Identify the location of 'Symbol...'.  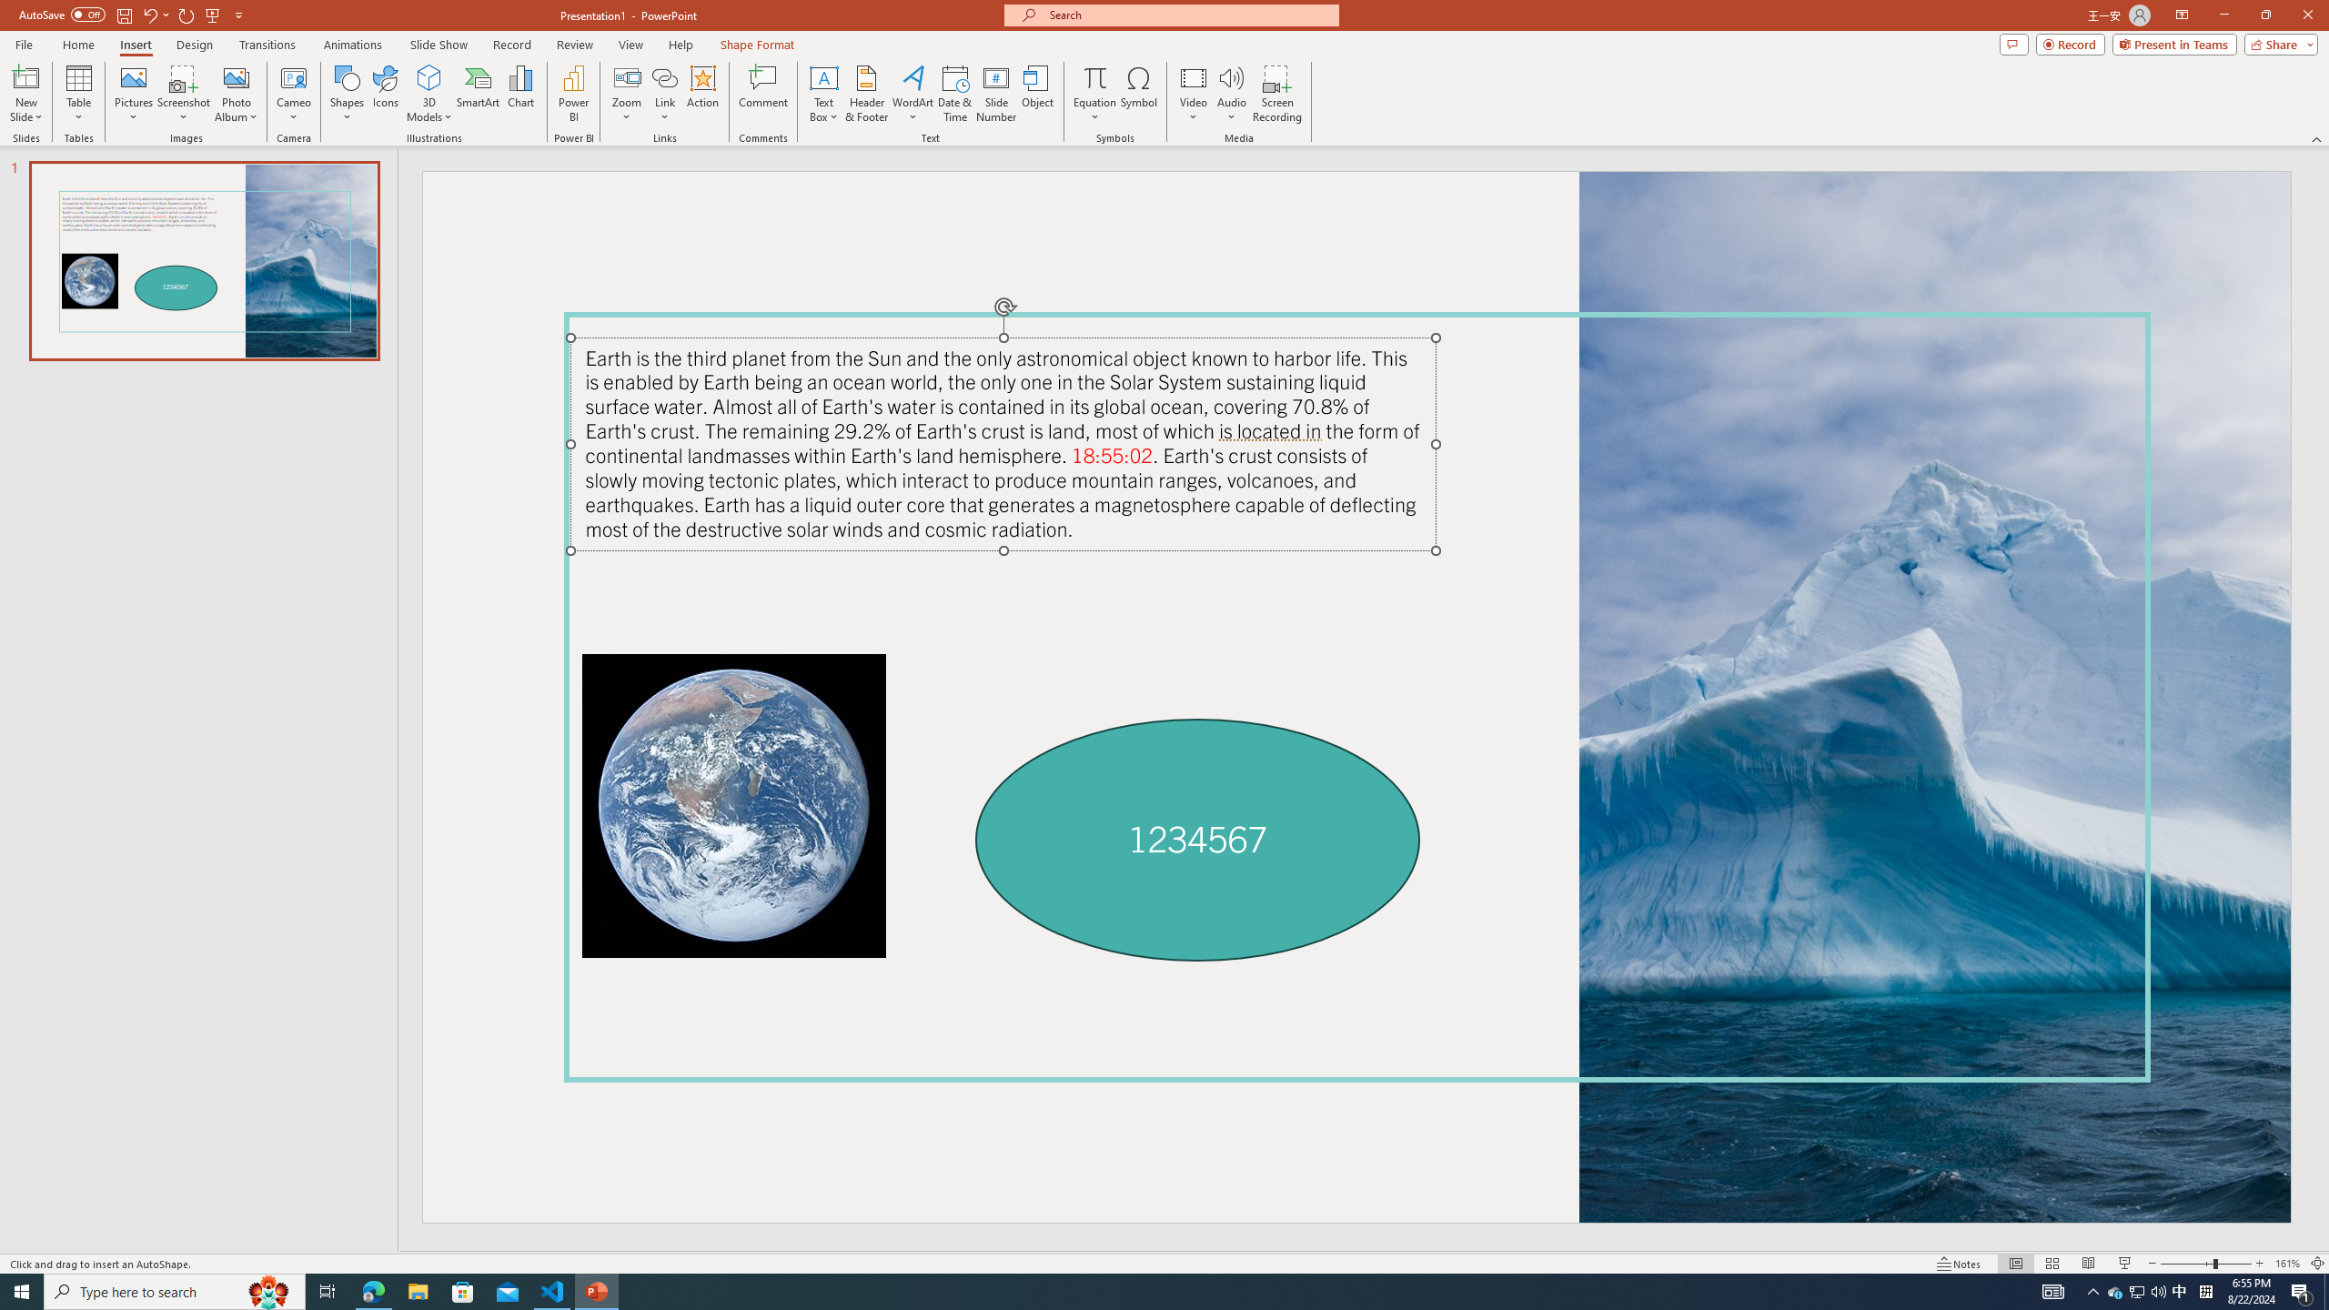
(1138, 94).